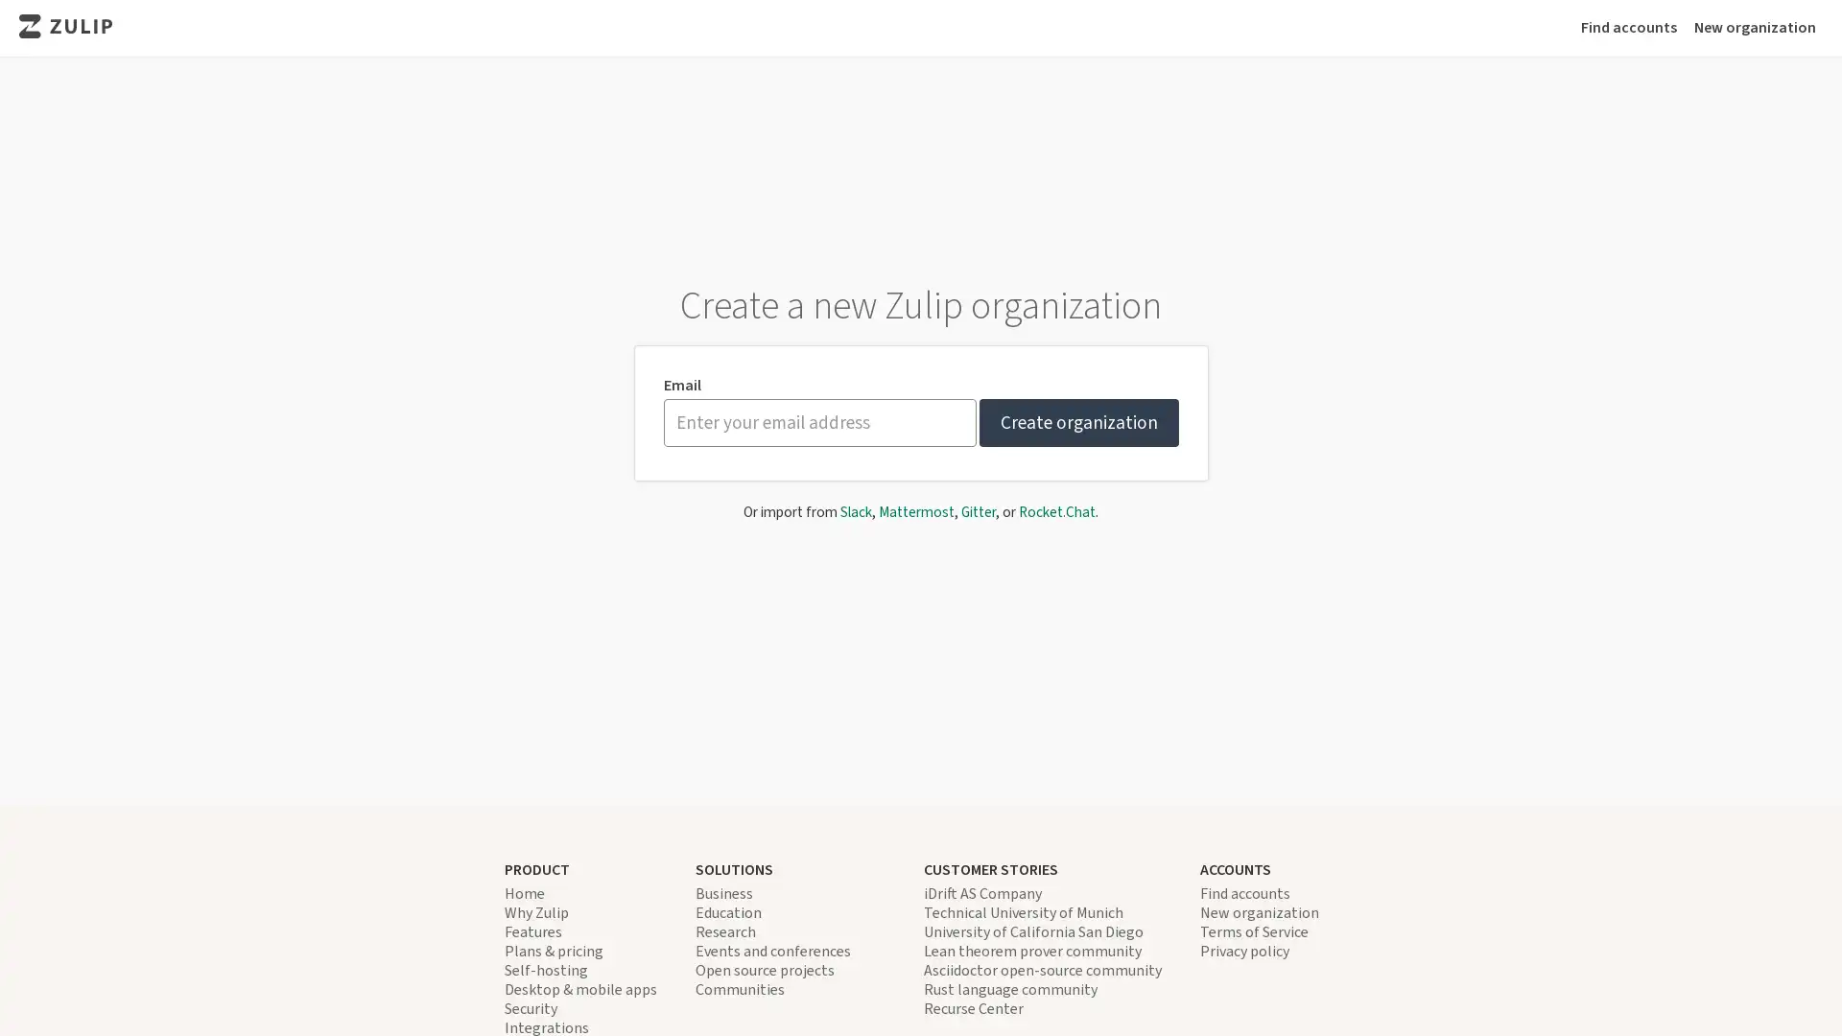 This screenshot has height=1036, width=1842. I want to click on Create organization, so click(1077, 421).